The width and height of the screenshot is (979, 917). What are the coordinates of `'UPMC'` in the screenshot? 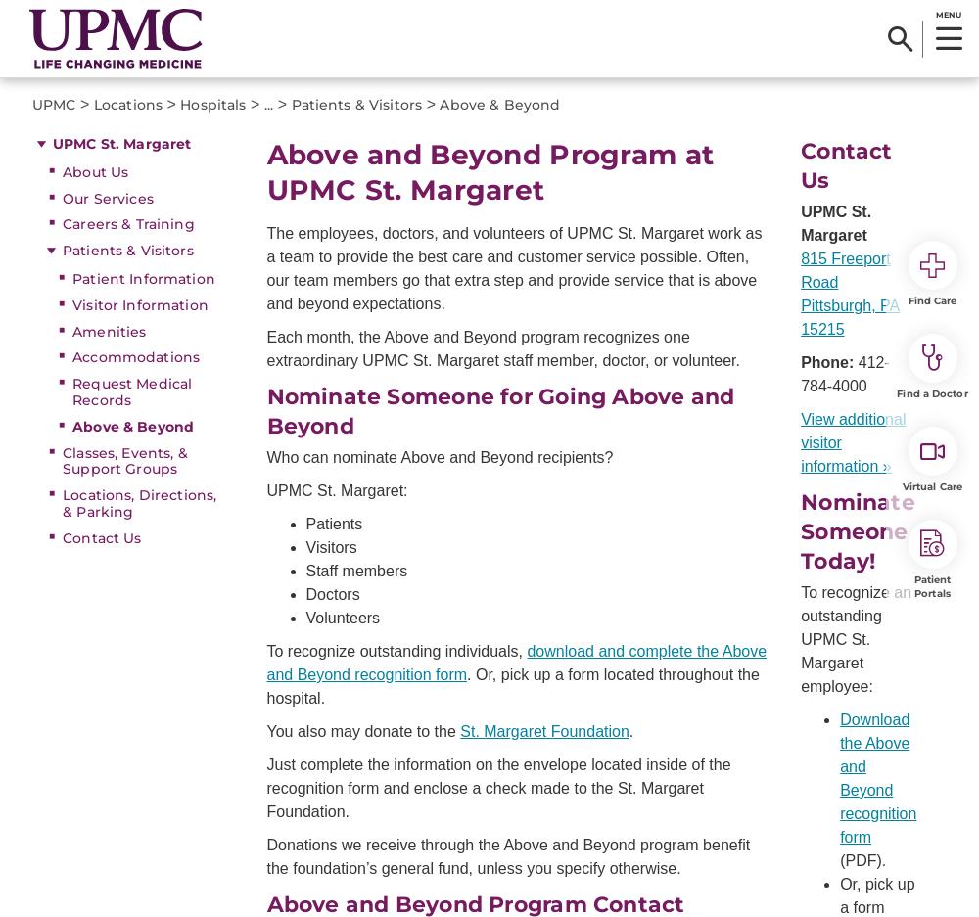 It's located at (54, 104).